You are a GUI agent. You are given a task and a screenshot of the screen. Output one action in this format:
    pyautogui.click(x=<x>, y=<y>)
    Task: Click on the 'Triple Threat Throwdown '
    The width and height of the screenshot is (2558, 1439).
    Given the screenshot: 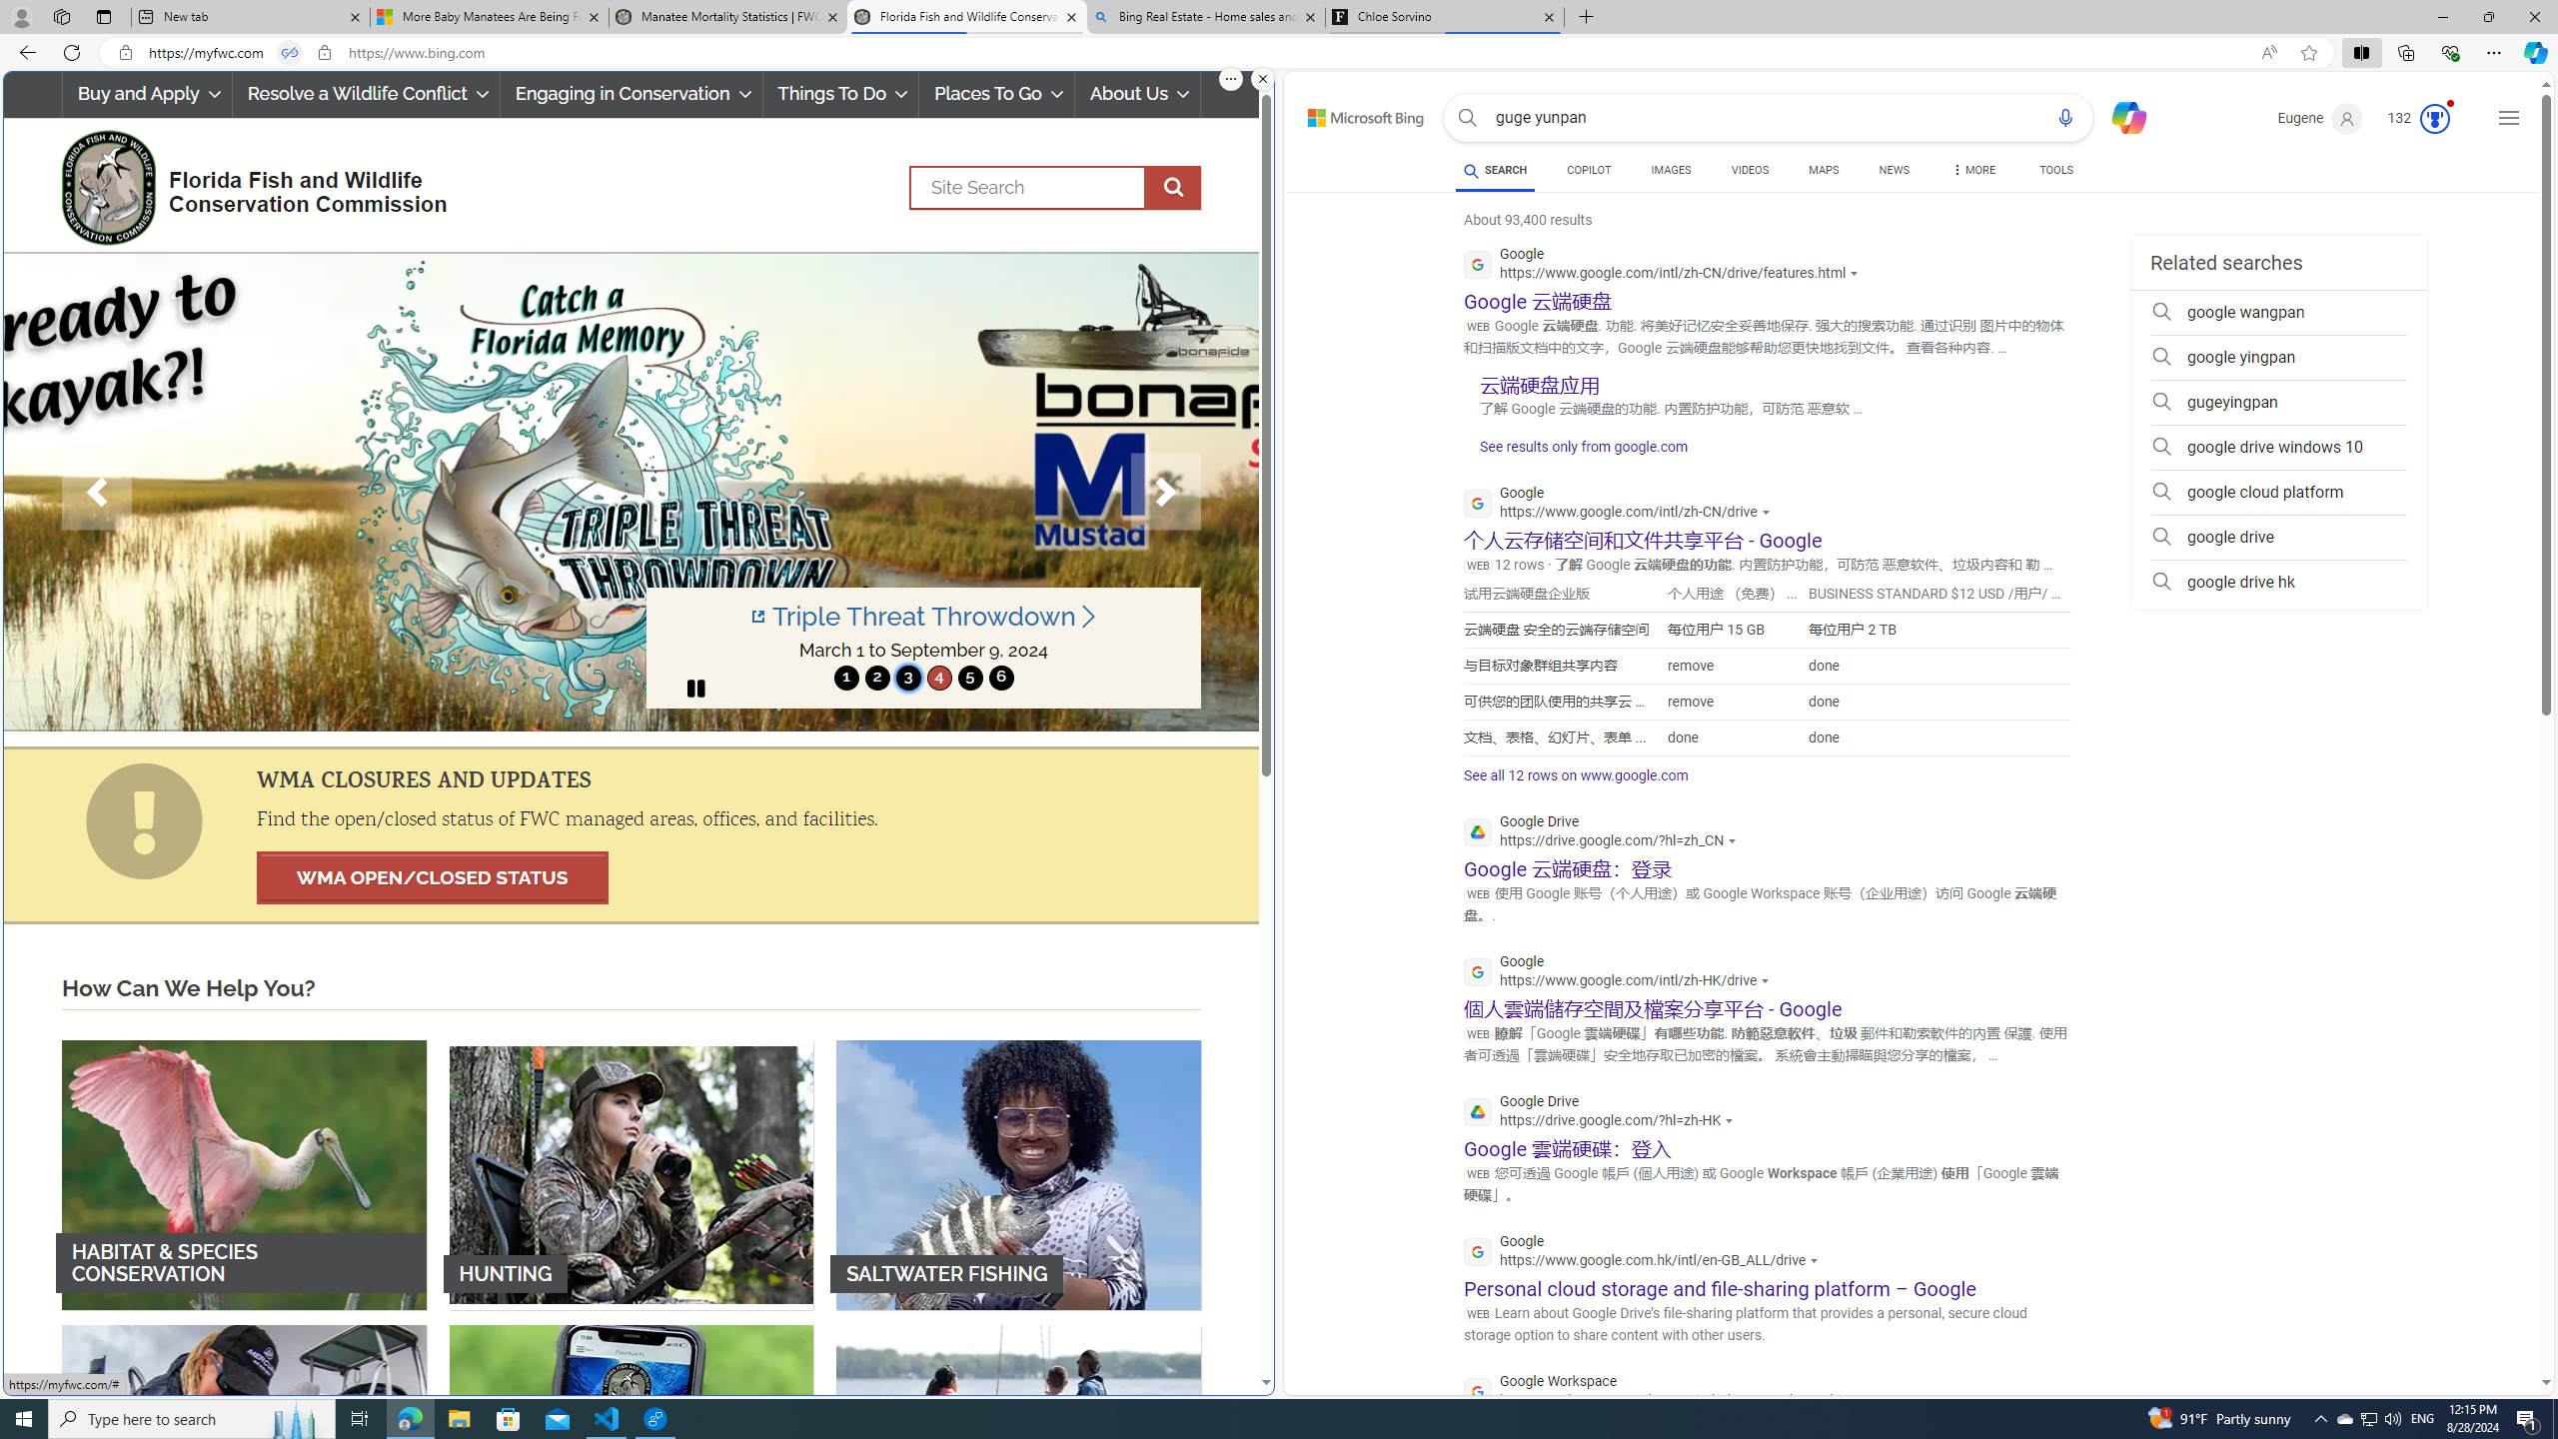 What is the action you would take?
    pyautogui.click(x=924, y=616)
    